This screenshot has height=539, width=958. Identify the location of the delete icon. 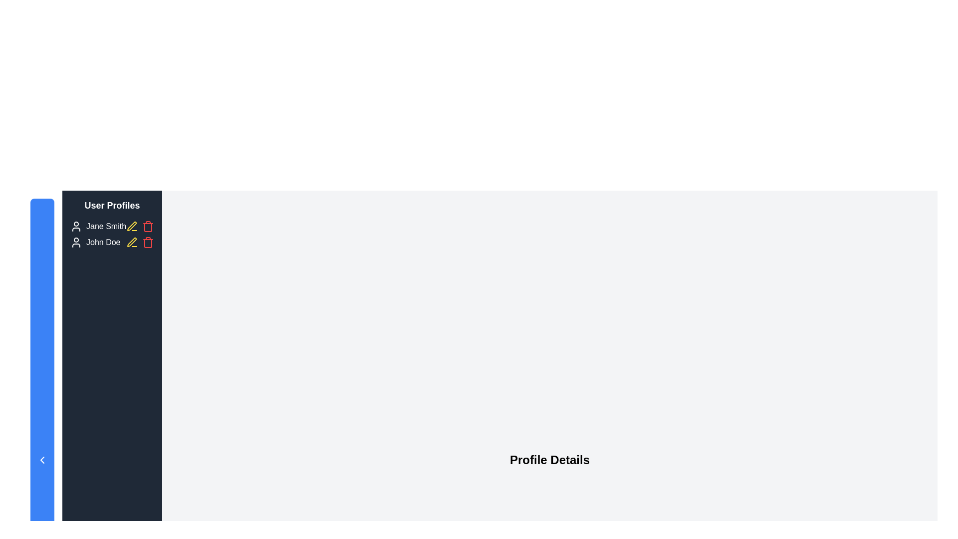
(148, 227).